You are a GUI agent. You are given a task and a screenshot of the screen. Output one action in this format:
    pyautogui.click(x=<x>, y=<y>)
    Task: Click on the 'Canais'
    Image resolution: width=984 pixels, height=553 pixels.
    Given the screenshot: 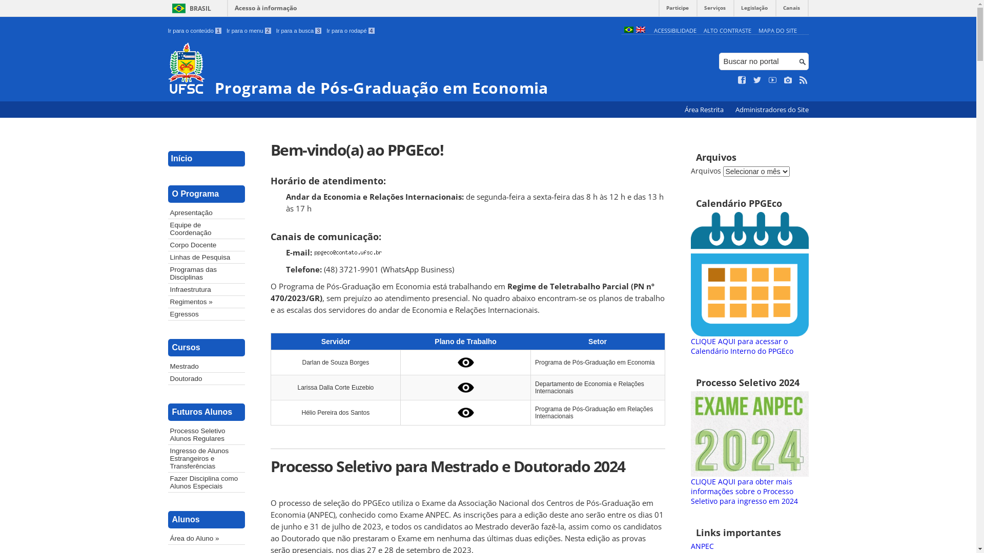 What is the action you would take?
    pyautogui.click(x=791, y=10)
    